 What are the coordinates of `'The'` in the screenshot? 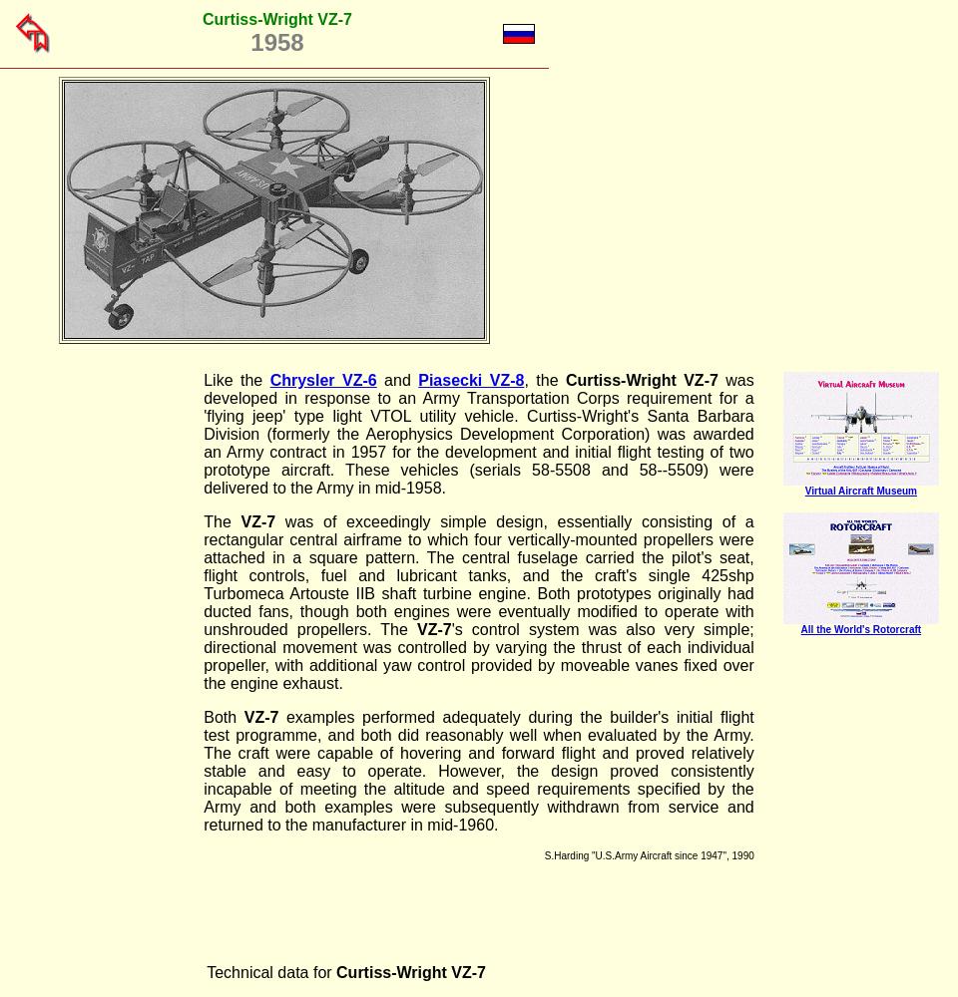 It's located at (222, 521).